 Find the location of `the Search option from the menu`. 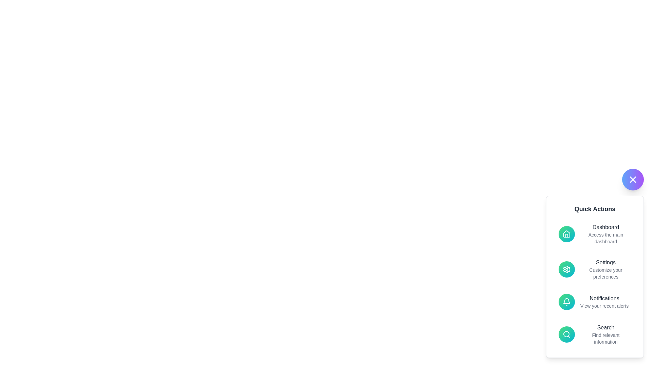

the Search option from the menu is located at coordinates (595, 334).